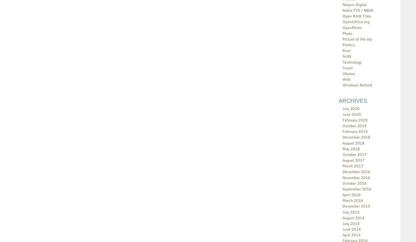  What do you see at coordinates (342, 73) in the screenshot?
I see `'Ubuntu'` at bounding box center [342, 73].